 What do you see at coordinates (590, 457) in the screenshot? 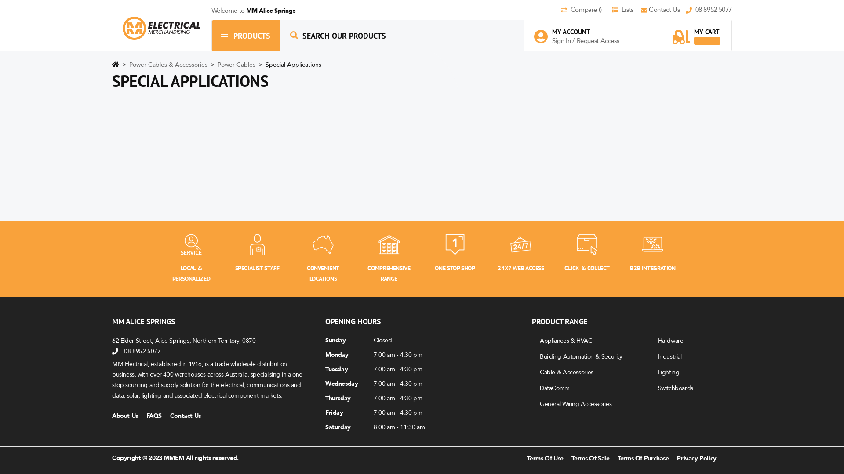
I see `'Terms Of Sale'` at bounding box center [590, 457].